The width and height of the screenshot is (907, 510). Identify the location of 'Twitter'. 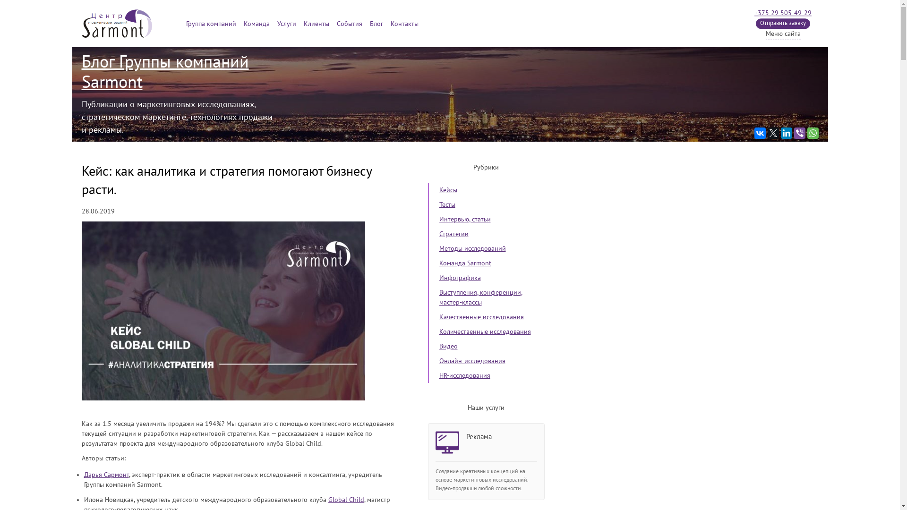
(773, 133).